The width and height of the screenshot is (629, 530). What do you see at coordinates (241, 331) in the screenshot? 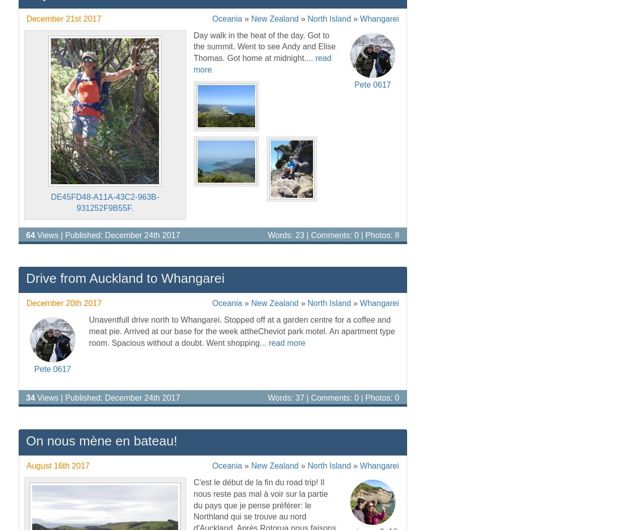
I see `'Unaventfull drive north to Whangarei. Stopped off at a garden centre for a coffee and meat pie. Arrived at our base for the week attheCheviot park motel. An apartment type room. Spacious without a doubt. Went shopping'` at bounding box center [241, 331].